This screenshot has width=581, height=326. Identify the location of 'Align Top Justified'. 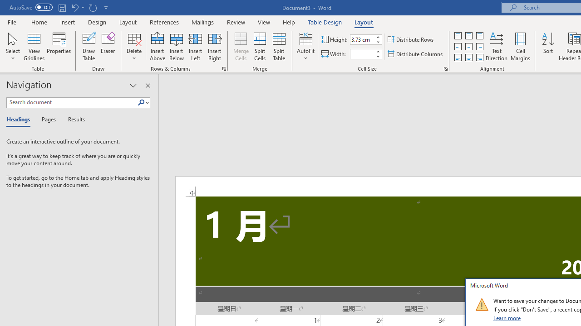
(458, 35).